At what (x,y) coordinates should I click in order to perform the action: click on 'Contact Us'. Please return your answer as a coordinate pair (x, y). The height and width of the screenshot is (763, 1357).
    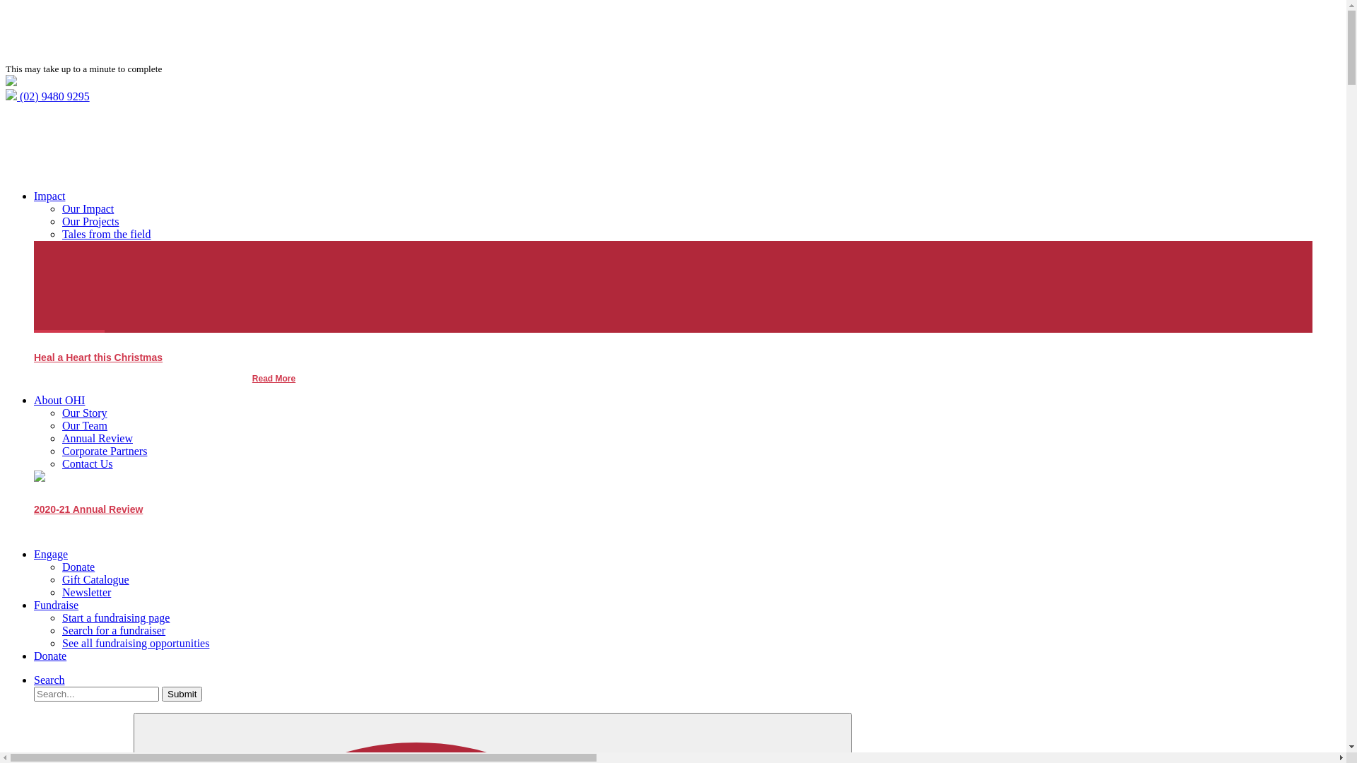
    Looking at the image, I should click on (61, 463).